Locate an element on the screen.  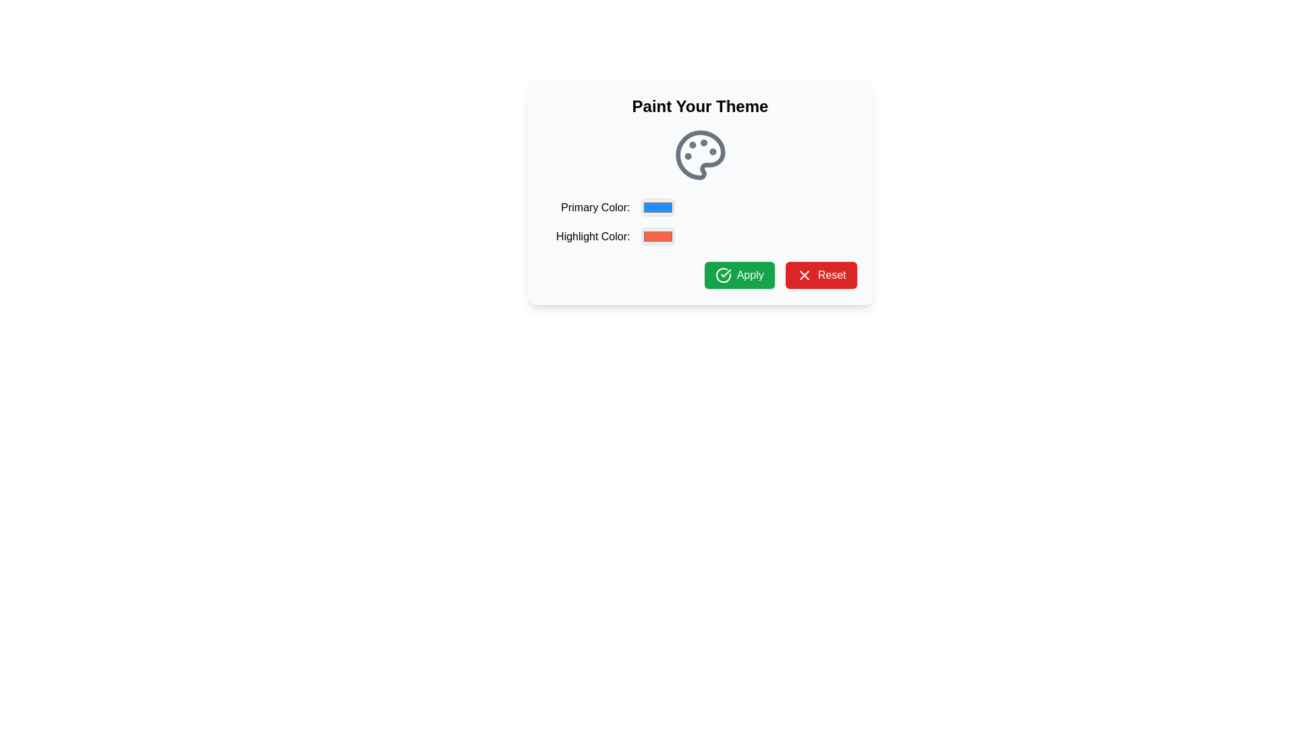
the color input field located to the right of the 'Highlight Color:' label is located at coordinates (657, 236).